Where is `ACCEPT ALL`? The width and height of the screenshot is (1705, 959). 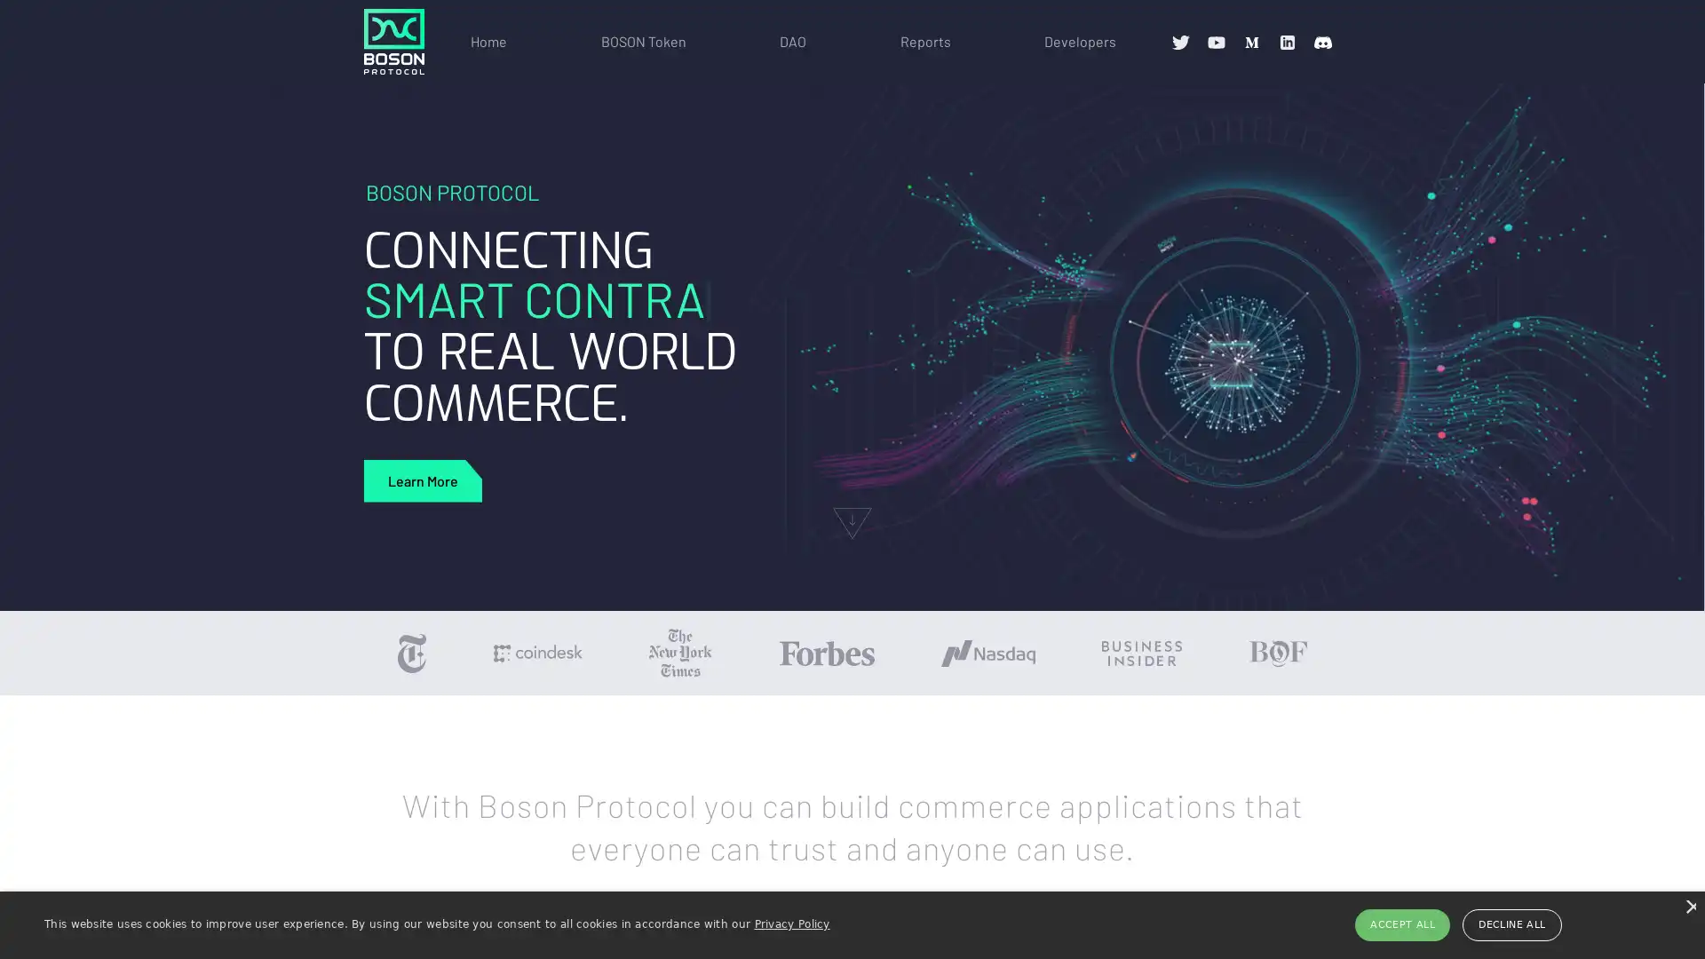 ACCEPT ALL is located at coordinates (1401, 923).